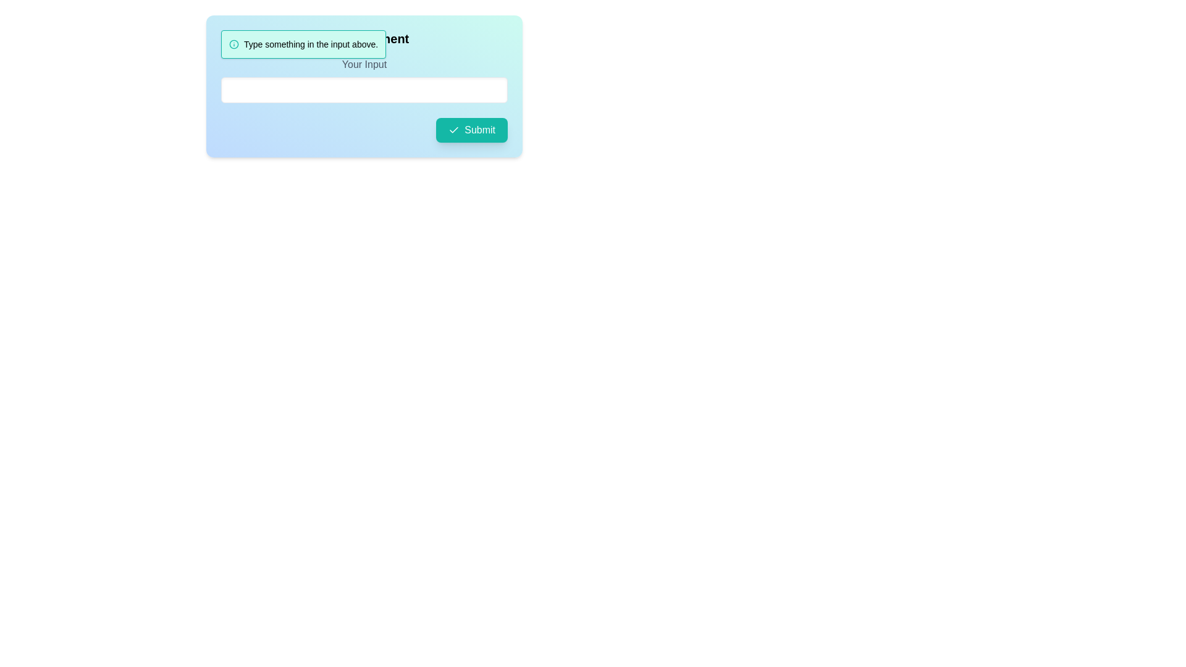  I want to click on SVG checkmark icon located to the left of the 'Submit' text within the teal button in the bottom-right corner of the interface, so click(453, 130).